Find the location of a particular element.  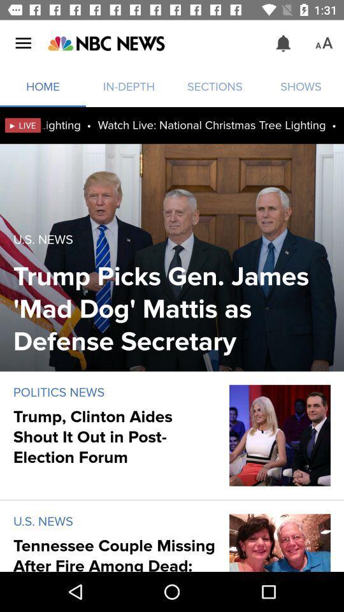

the font icon is located at coordinates (324, 43).